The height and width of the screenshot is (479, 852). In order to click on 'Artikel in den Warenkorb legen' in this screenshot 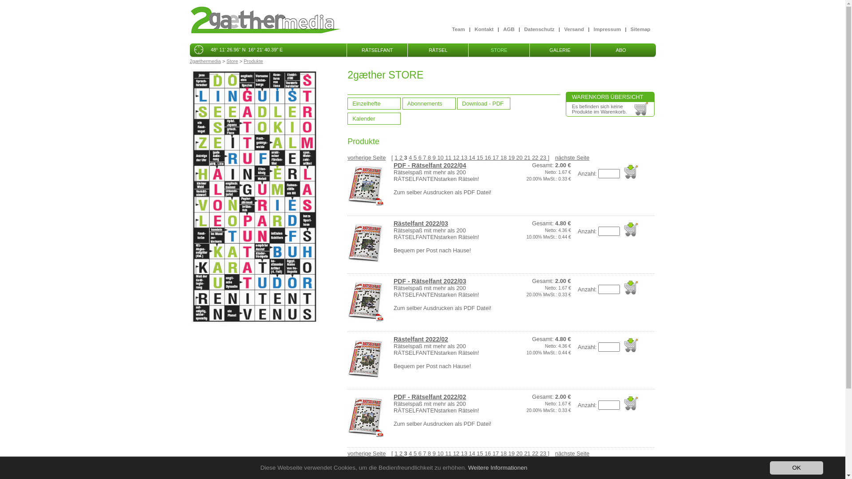, I will do `click(630, 229)`.